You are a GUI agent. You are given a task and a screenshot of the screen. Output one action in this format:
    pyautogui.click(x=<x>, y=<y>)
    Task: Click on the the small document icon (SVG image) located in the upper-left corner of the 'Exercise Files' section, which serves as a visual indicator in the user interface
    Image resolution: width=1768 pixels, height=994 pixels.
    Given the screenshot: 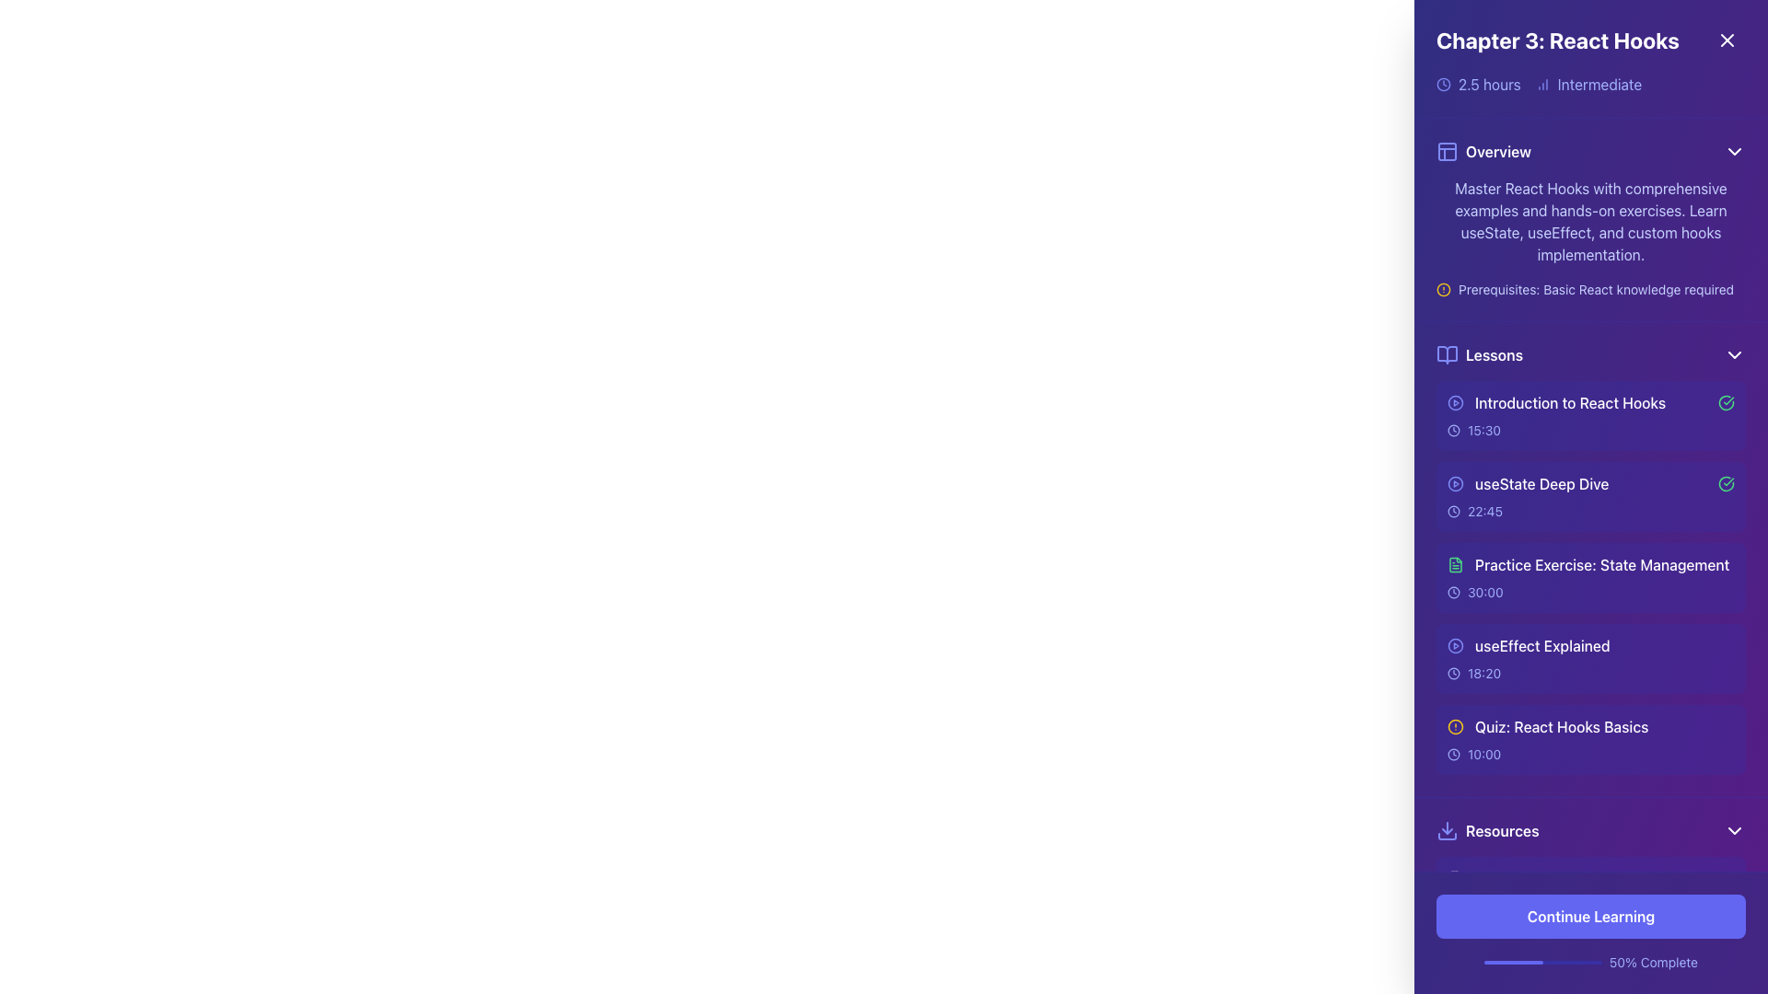 What is the action you would take?
    pyautogui.click(x=1454, y=933)
    